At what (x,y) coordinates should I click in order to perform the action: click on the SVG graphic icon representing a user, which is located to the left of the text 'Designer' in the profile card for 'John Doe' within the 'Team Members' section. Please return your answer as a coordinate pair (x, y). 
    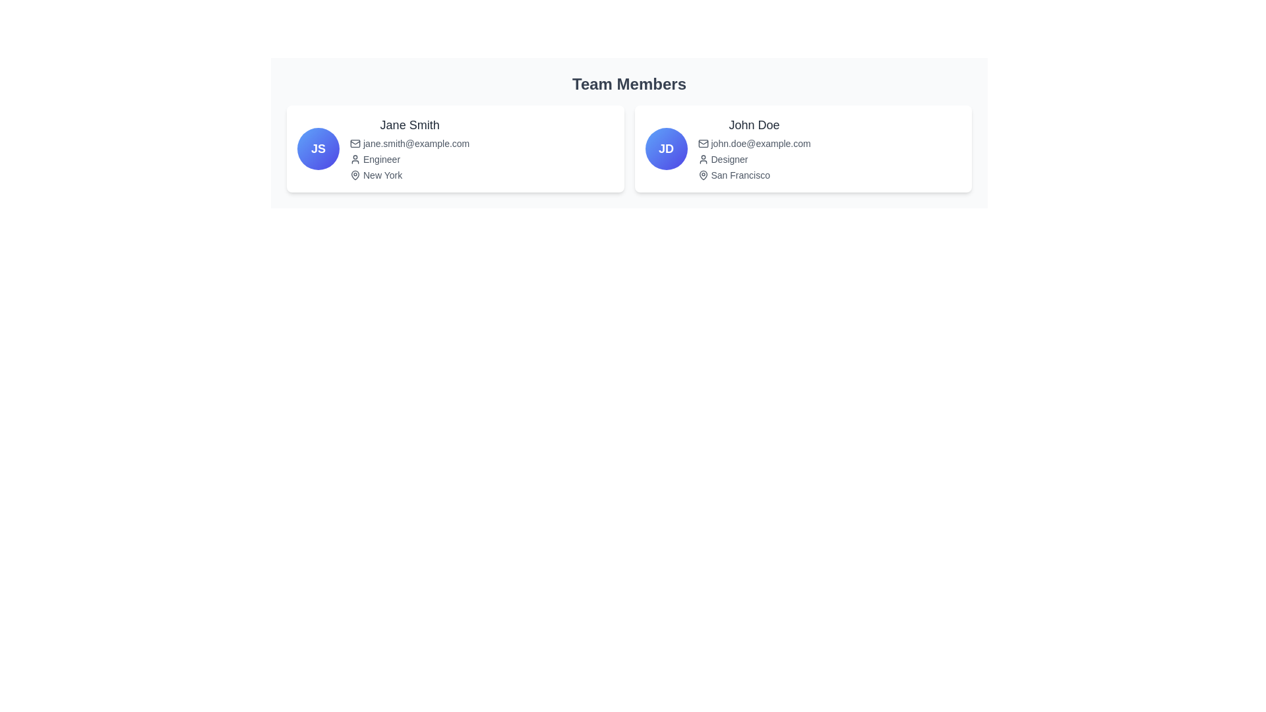
    Looking at the image, I should click on (702, 159).